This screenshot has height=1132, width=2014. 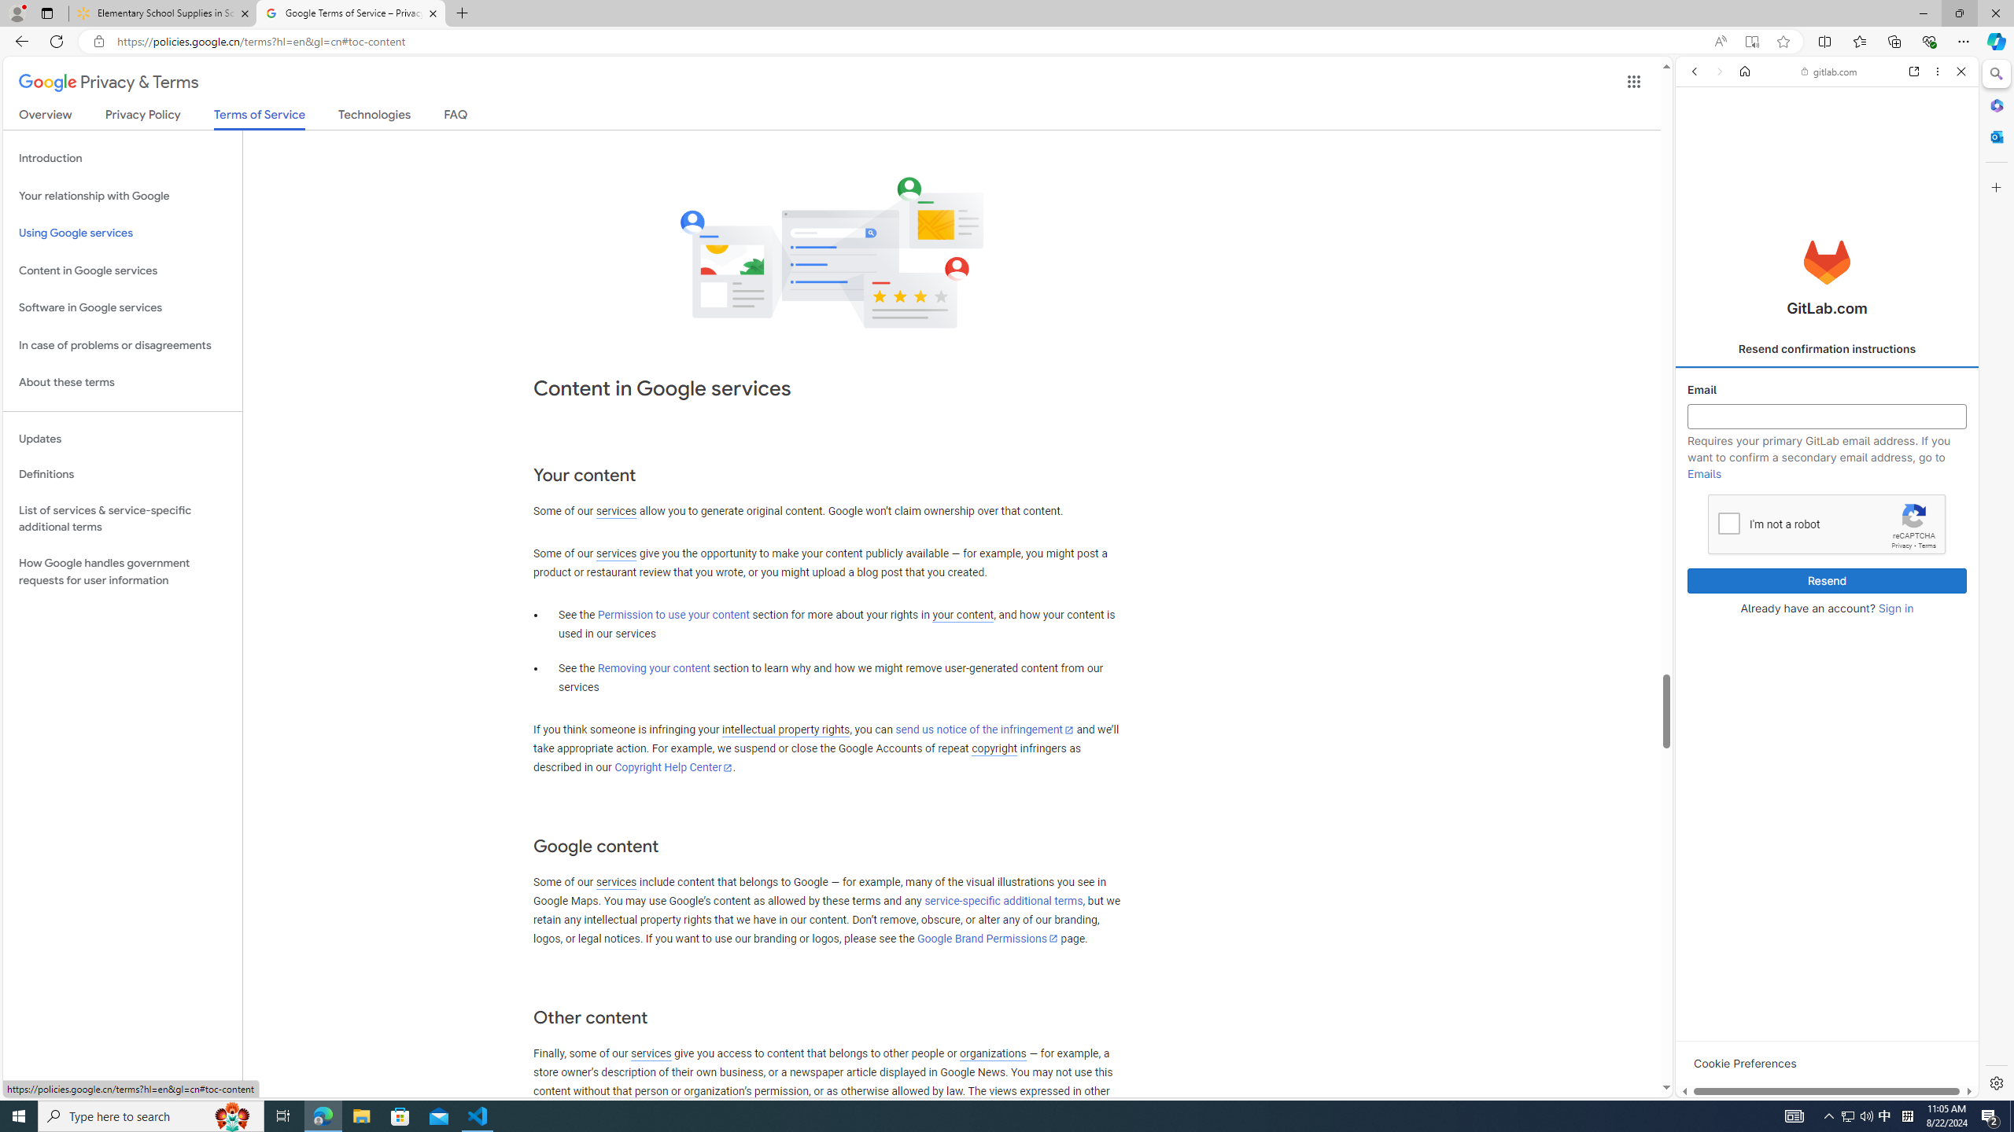 What do you see at coordinates (1795, 180) in the screenshot?
I see `'VIDEOS'` at bounding box center [1795, 180].